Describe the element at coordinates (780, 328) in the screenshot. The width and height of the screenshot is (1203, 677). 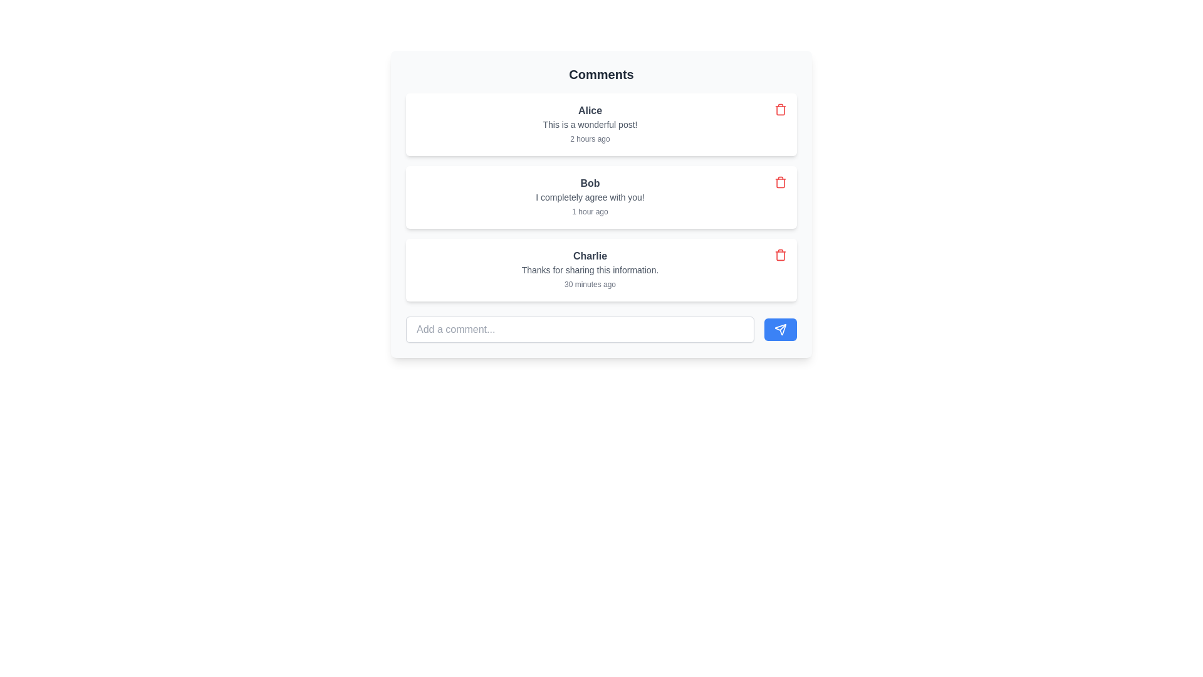
I see `the 'send' button icon located at the bottom-right corner of the interface` at that location.